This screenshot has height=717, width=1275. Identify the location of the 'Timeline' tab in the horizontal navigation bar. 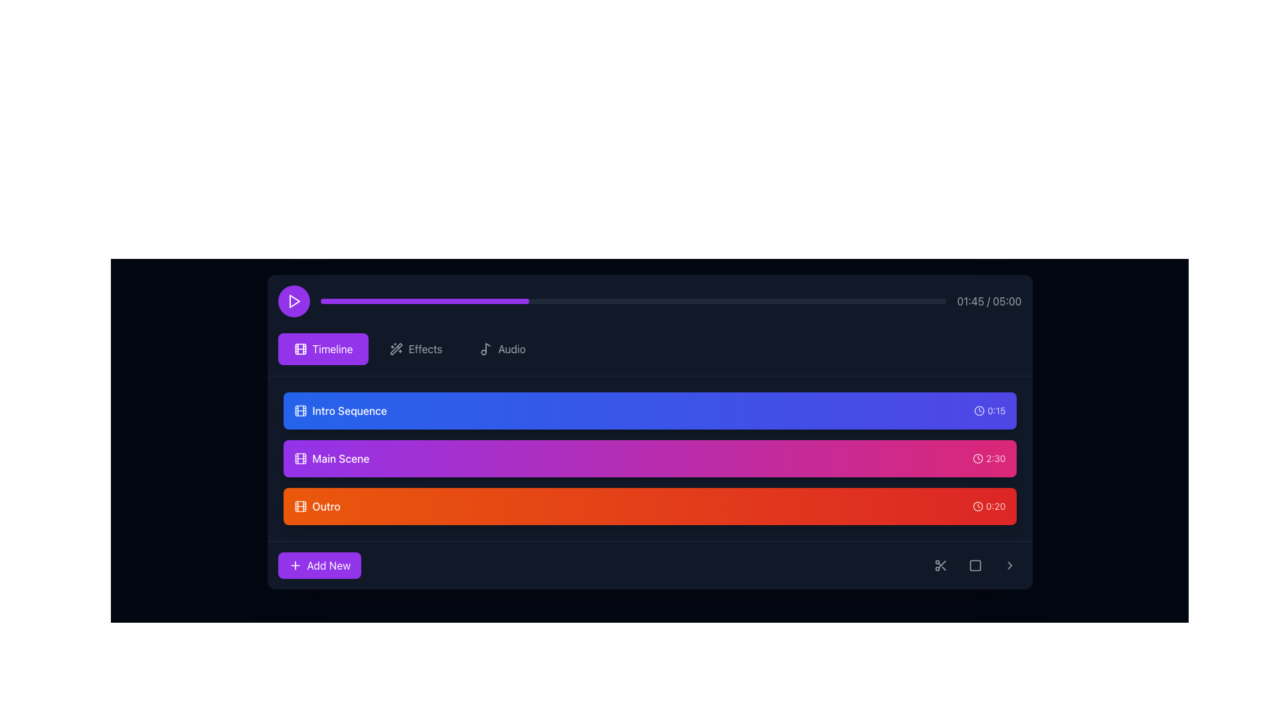
(332, 348).